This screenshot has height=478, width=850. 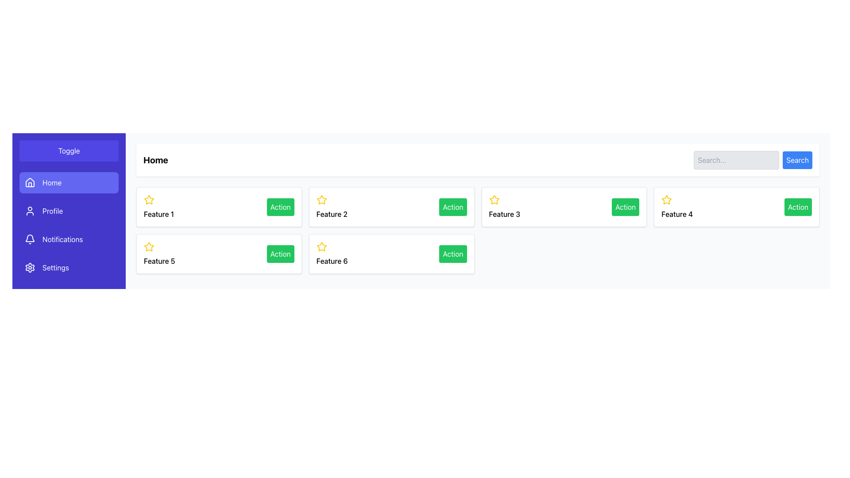 What do you see at coordinates (504, 214) in the screenshot?
I see `descriptive text of the Text Label displaying 'Feature 3' in the third feature card, located in the upper row of the main content area, next to a yellow star icon and a green 'Action' button` at bounding box center [504, 214].